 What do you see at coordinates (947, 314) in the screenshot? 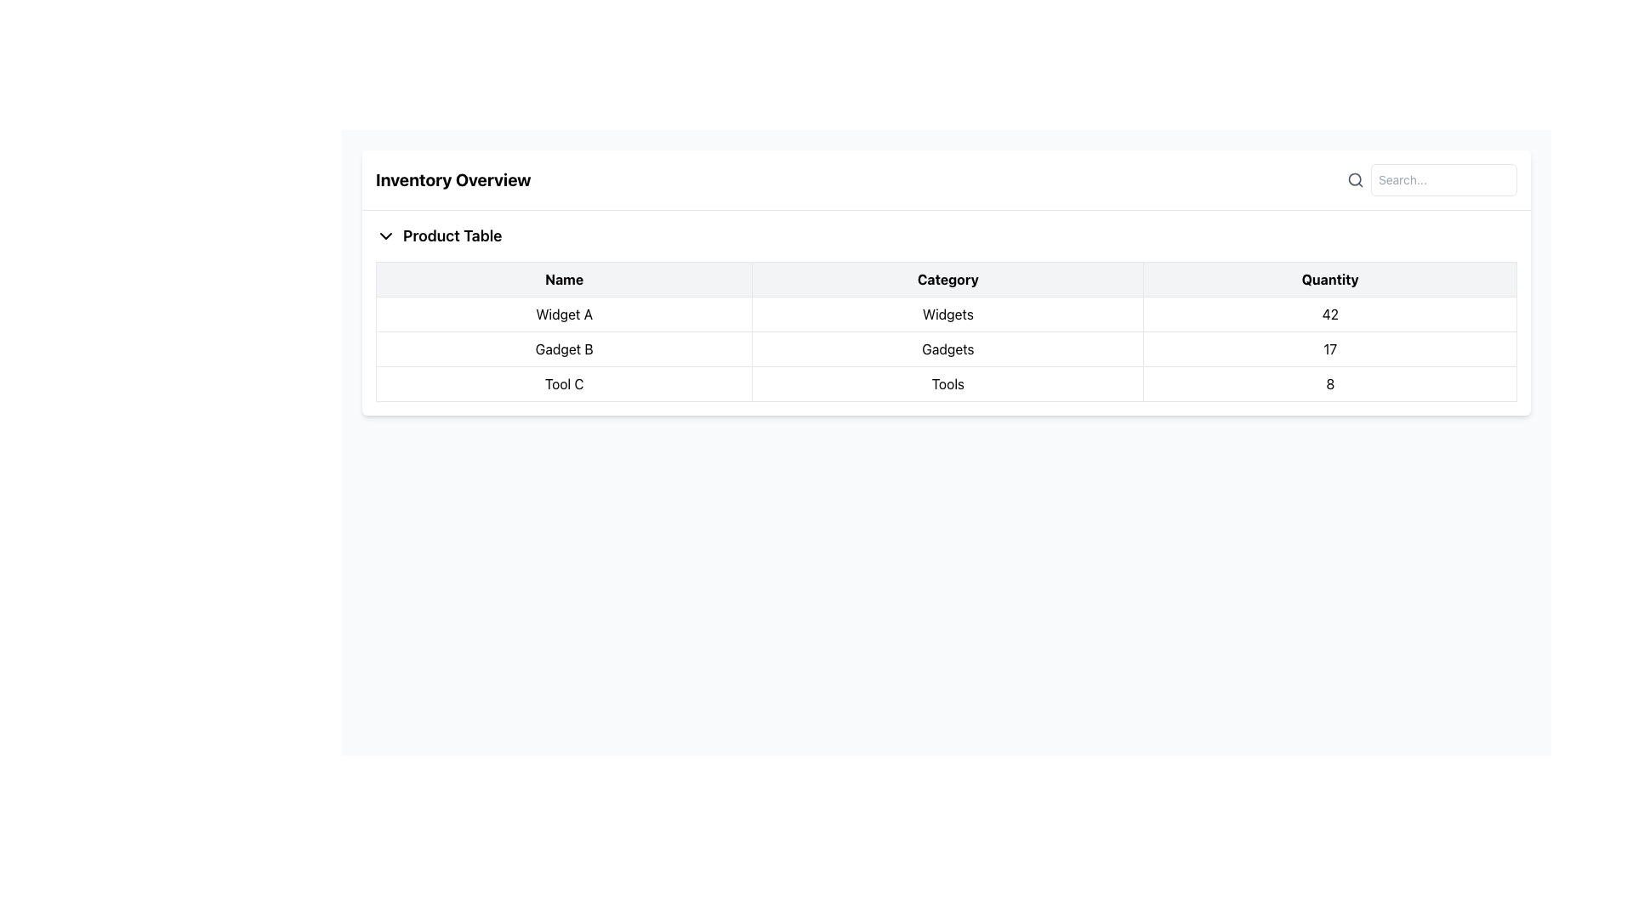
I see `the table cell containing the text 'Widgets' which is positioned in the middle column of the first row, between the cells labeled 'Widget A' and '42'` at bounding box center [947, 314].